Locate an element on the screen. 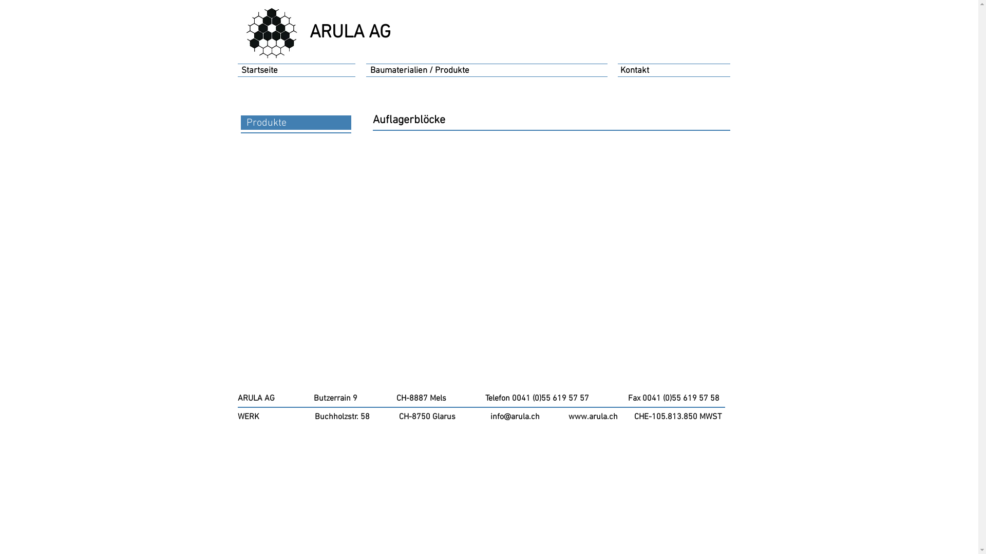  'Kontakt' is located at coordinates (633, 70).